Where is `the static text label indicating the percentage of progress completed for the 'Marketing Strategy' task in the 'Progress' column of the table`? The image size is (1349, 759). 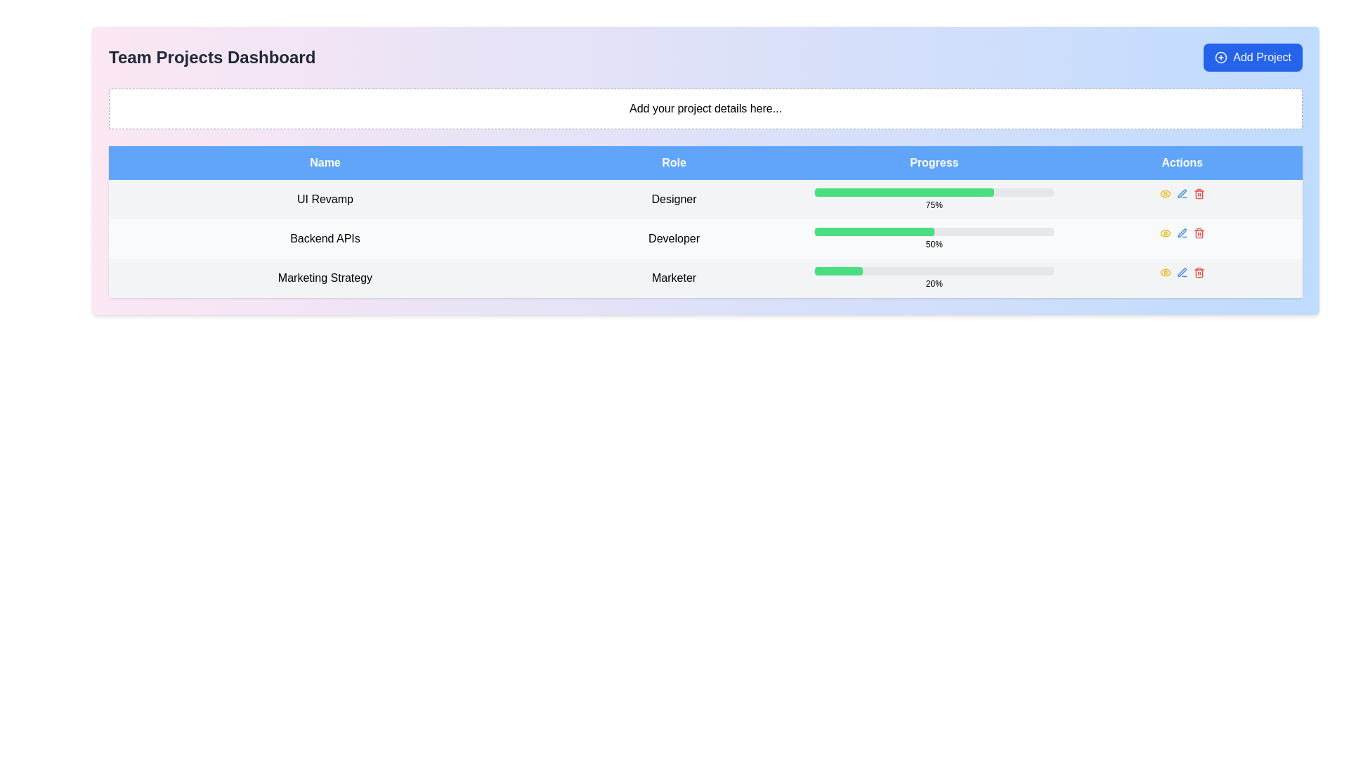
the static text label indicating the percentage of progress completed for the 'Marketing Strategy' task in the 'Progress' column of the table is located at coordinates (934, 284).